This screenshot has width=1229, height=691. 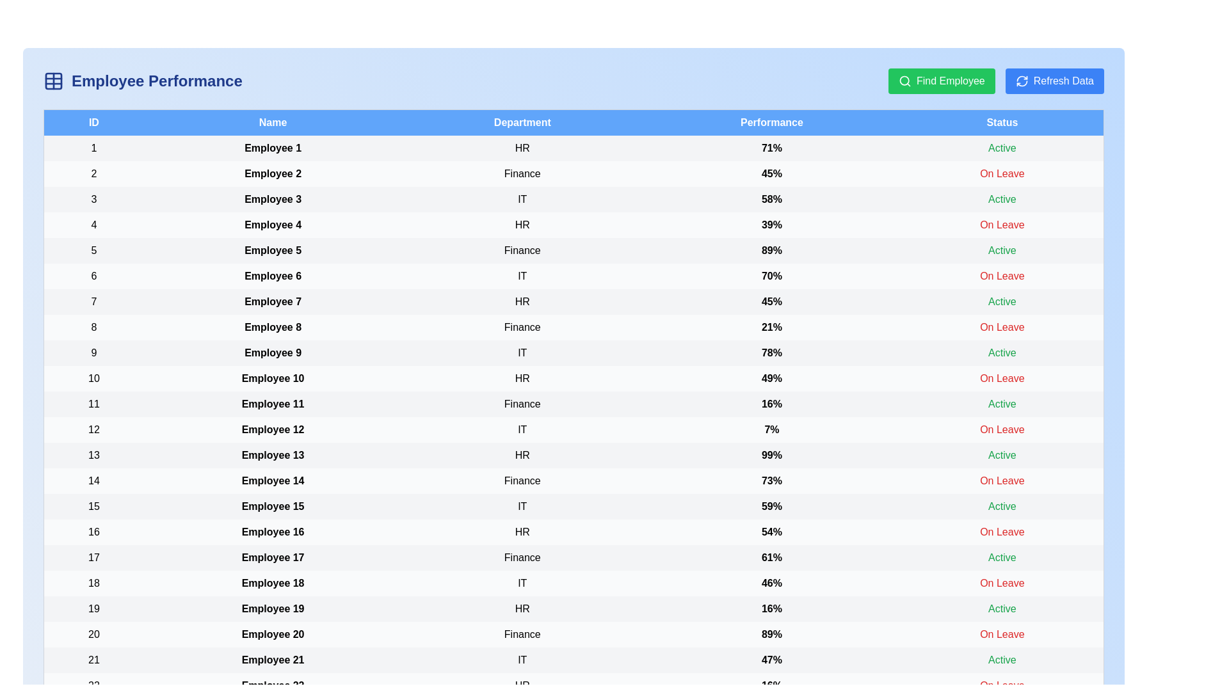 What do you see at coordinates (93, 122) in the screenshot?
I see `the header to sort by ID` at bounding box center [93, 122].